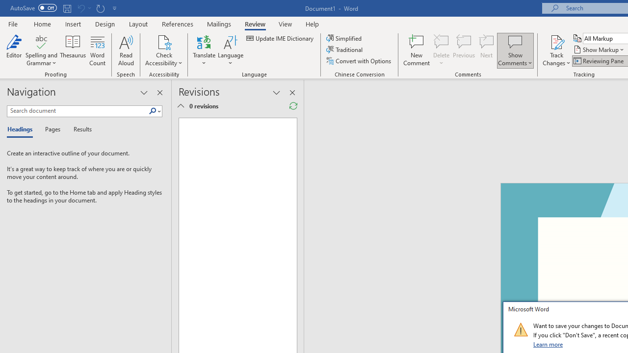 The height and width of the screenshot is (353, 628). Describe the element at coordinates (292, 106) in the screenshot. I see `'Refresh Reviewing Pane'` at that location.